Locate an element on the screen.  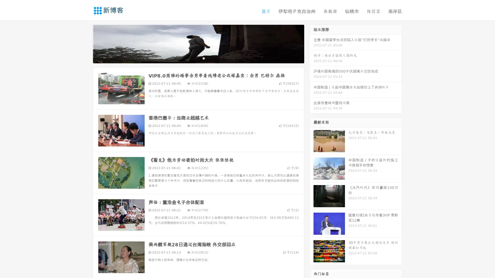
Previous slide is located at coordinates (85, 43).